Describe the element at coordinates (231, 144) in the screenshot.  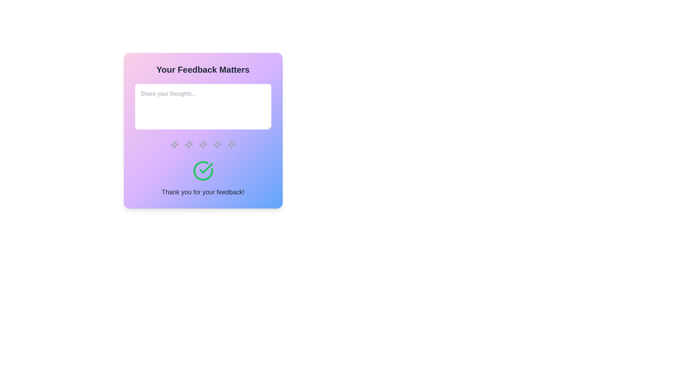
I see `the fifth star-like decorative icon with a grayish border, located below the text input field in the feedback form component` at that location.